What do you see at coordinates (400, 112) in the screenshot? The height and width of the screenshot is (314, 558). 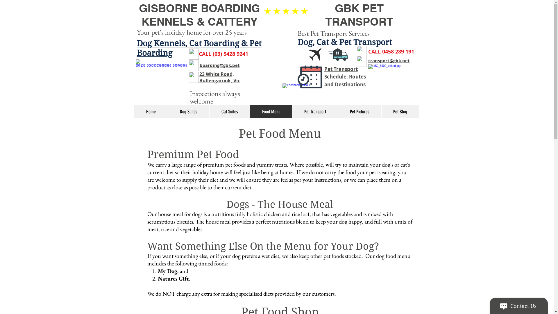 I see `'Pet Blog'` at bounding box center [400, 112].